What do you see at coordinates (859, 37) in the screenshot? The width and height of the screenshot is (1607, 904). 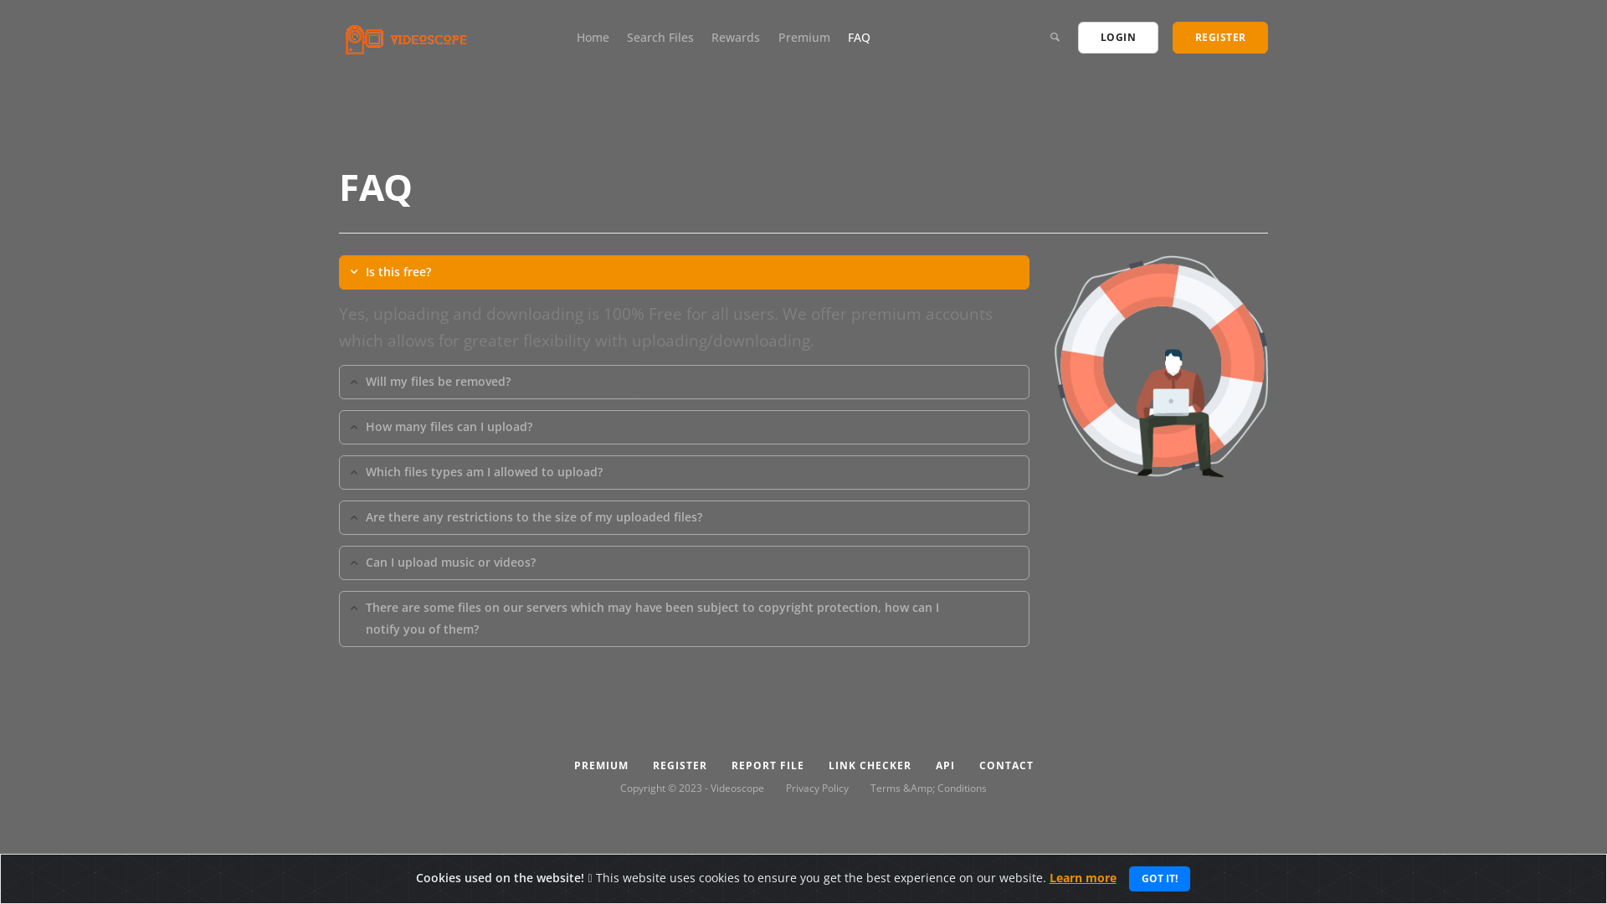 I see `'FAQ'` at bounding box center [859, 37].